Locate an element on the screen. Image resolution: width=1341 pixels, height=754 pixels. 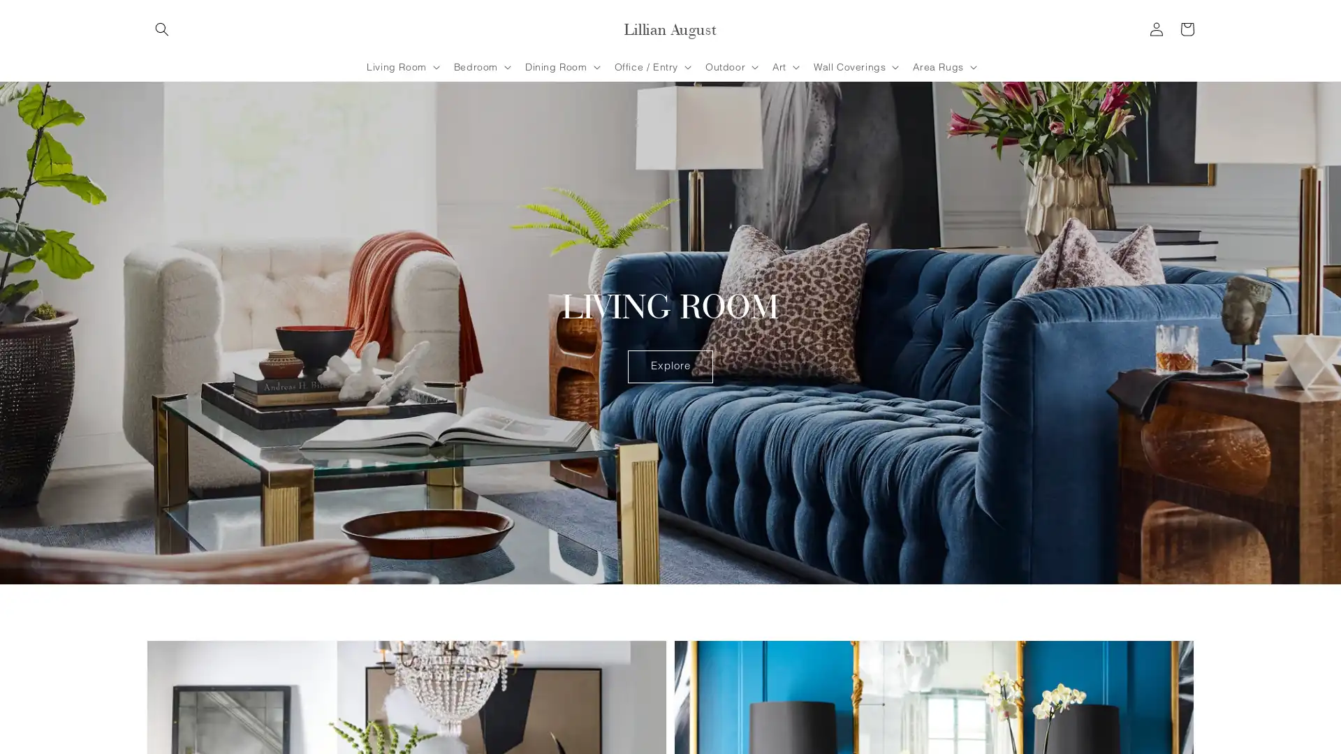
Bedroom is located at coordinates (480, 66).